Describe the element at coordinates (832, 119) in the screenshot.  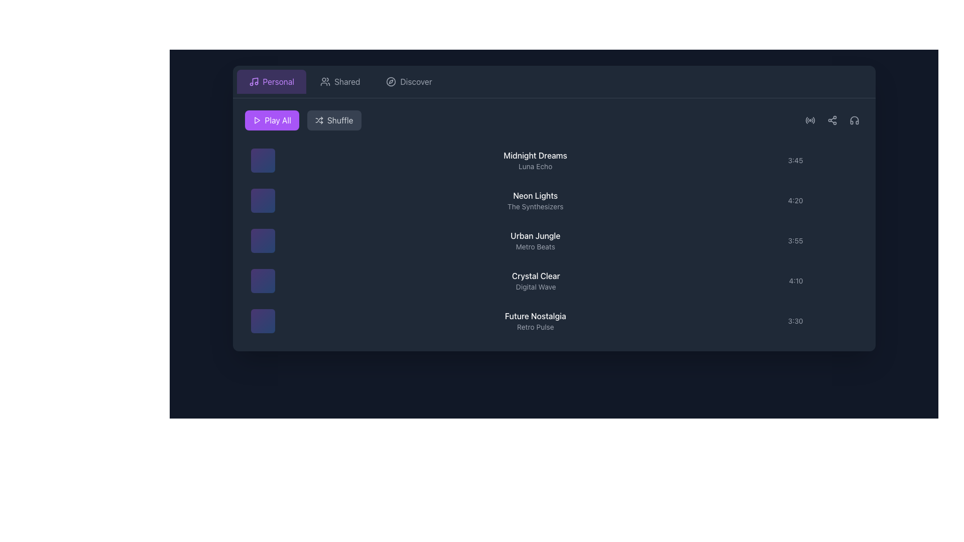
I see `the share icon button, which is a triangular structure of three connected nodes within a circular button located in the upper-right corner of the main interface` at that location.